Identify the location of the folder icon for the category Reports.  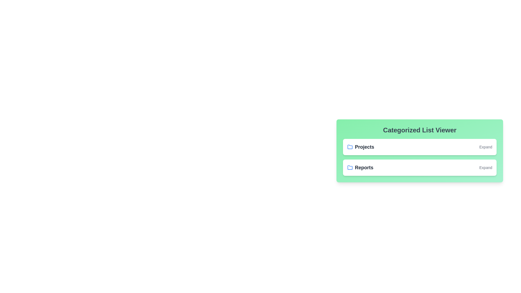
(350, 167).